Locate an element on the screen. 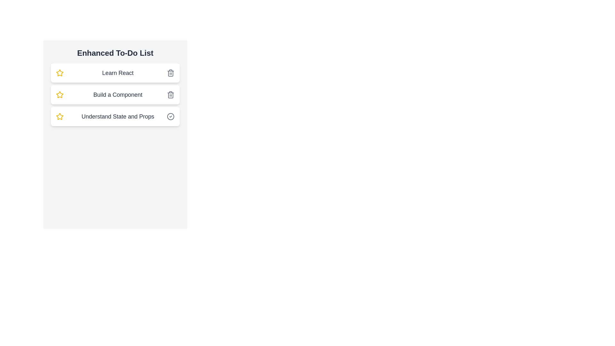 This screenshot has height=346, width=615. the 'Learn React' text label, which is bold and dark-colored, located in the first item of a vertical list of three similar items is located at coordinates (118, 72).